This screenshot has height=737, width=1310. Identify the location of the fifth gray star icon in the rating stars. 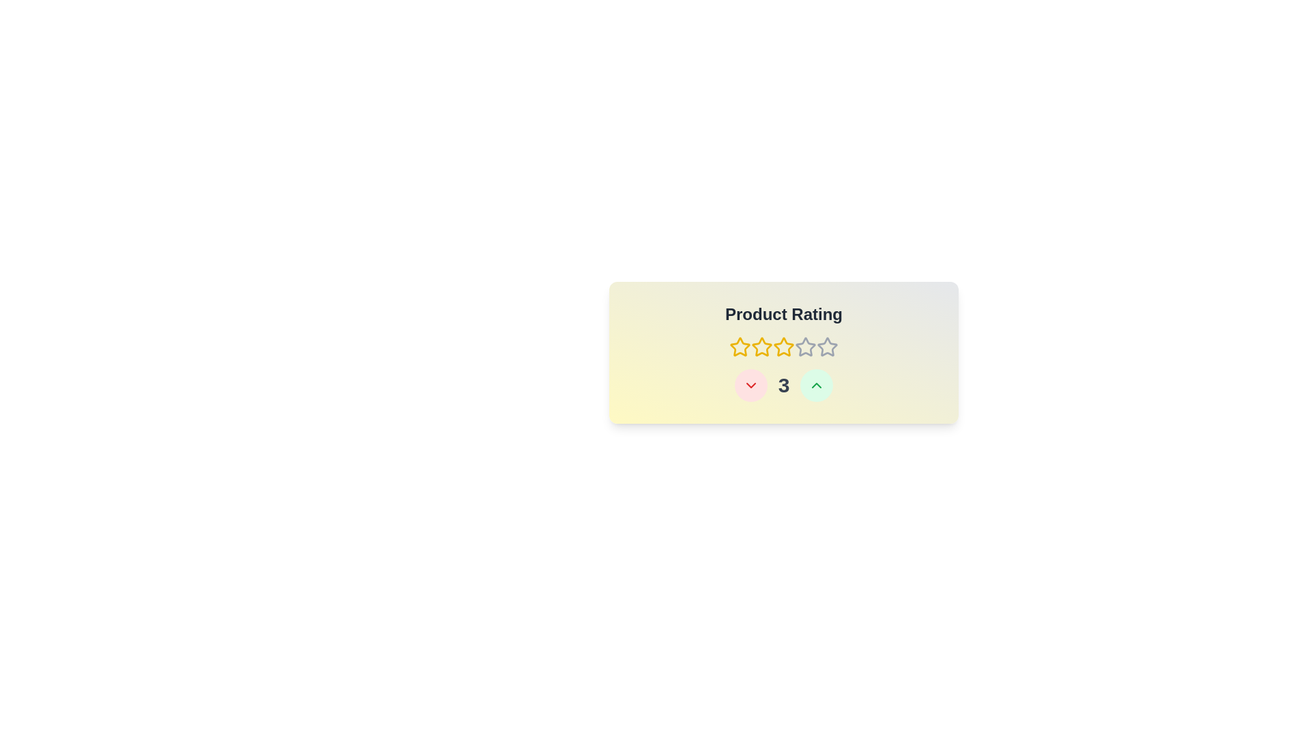
(827, 347).